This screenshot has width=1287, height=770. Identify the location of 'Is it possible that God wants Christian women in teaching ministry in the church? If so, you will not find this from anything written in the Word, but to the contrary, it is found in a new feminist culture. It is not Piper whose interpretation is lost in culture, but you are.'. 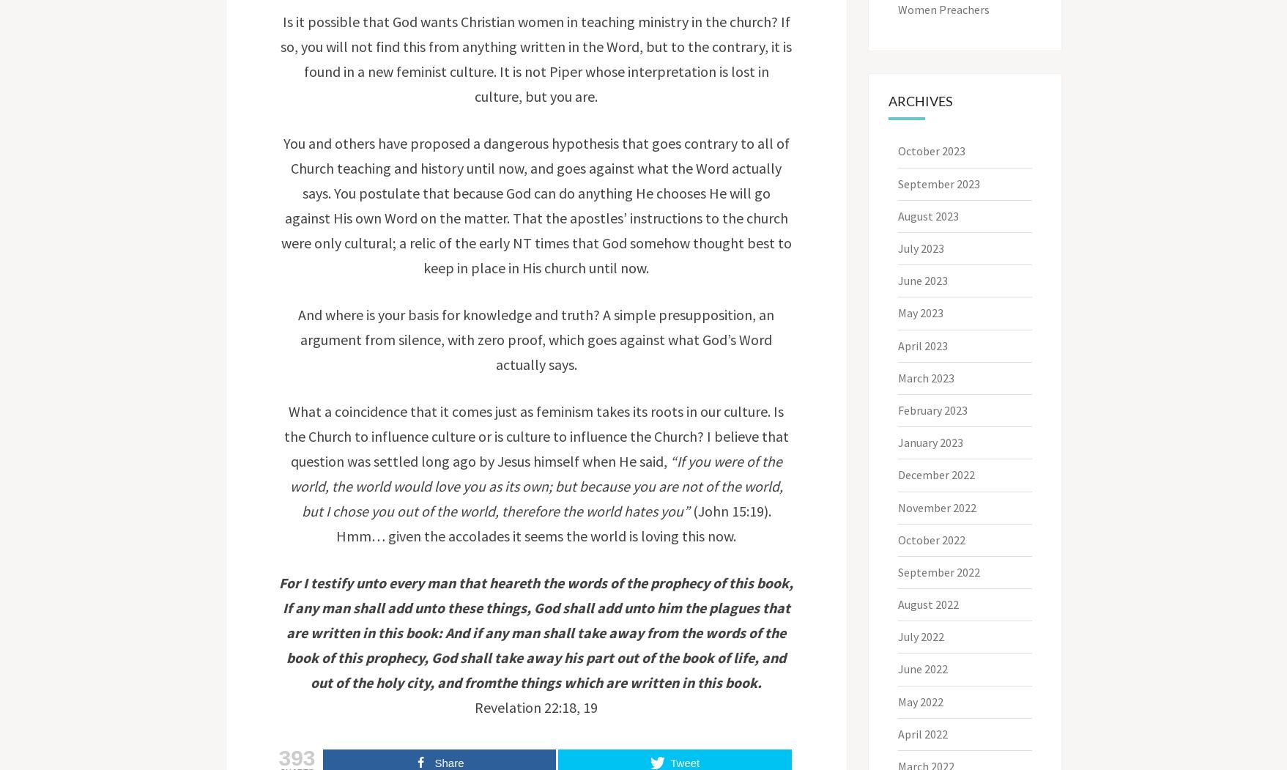
(280, 58).